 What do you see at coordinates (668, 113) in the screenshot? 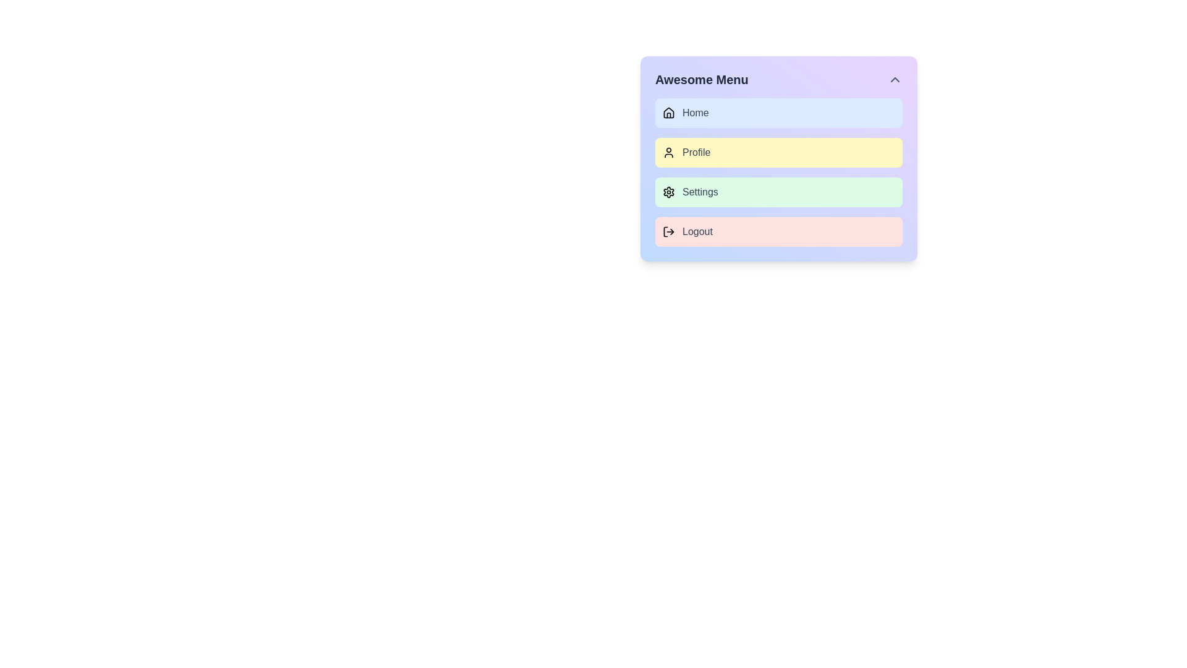
I see `the 'Home' icon in the dropdown menu titled 'Awesome Menu'` at bounding box center [668, 113].